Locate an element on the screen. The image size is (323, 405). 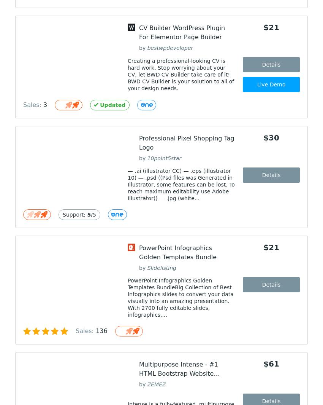
'CV Builder WordPress Plugin For Elementor Page Builder' is located at coordinates (182, 32).